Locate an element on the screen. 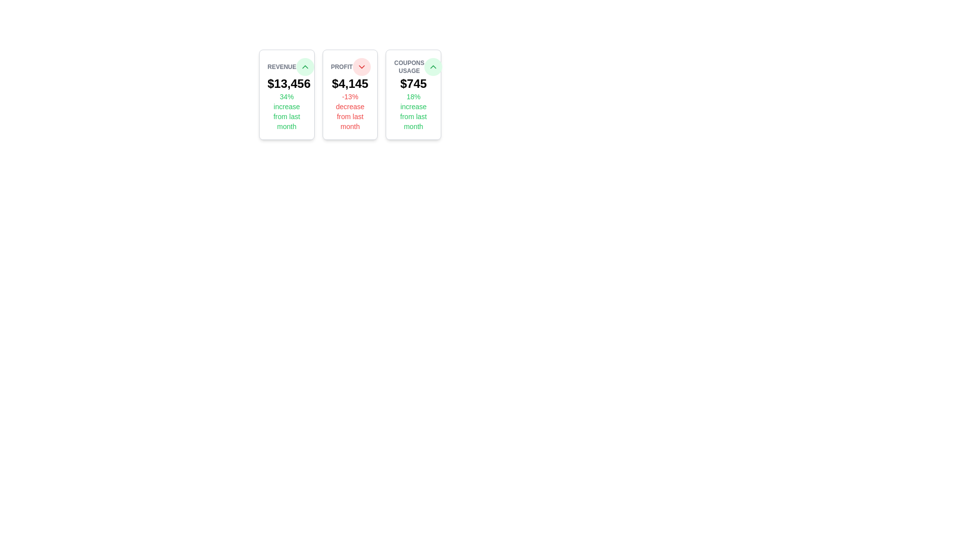 Image resolution: width=953 pixels, height=536 pixels. the 'Profit' text label, which is styled in small, bold, uppercase gray font and located at the top of the second card in a row of three cards is located at coordinates (341, 67).